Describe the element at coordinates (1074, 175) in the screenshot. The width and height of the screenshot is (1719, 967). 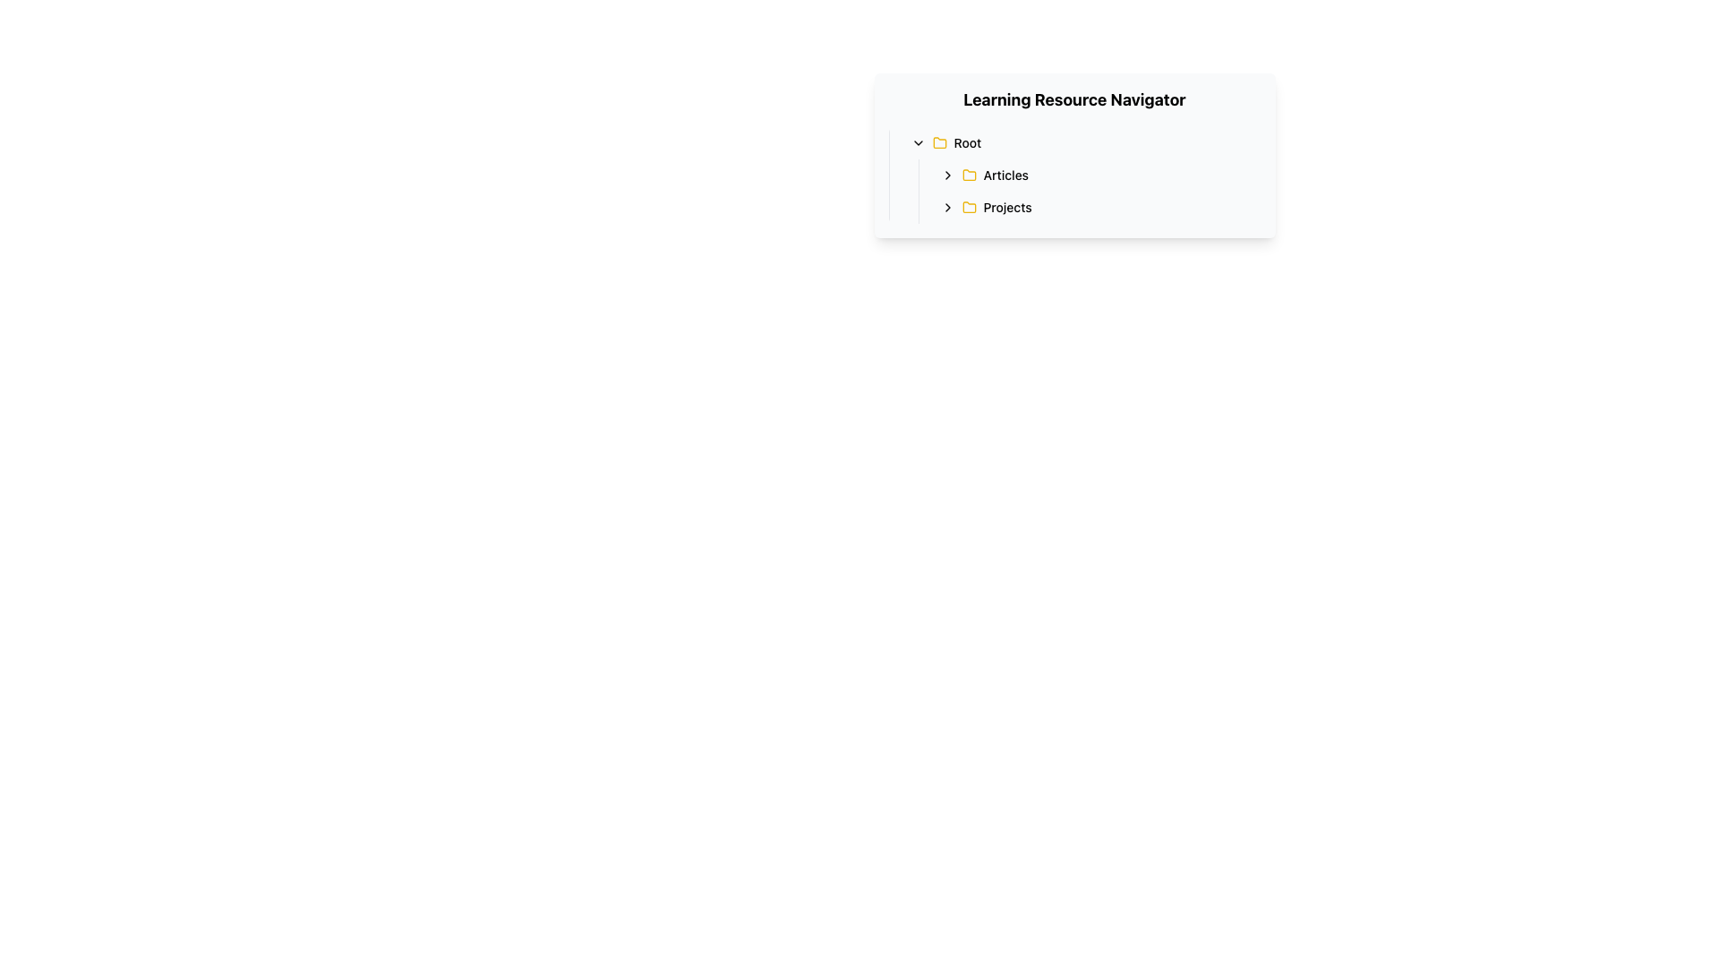
I see `the navigation module in the 'Learning Resource Navigator'` at that location.